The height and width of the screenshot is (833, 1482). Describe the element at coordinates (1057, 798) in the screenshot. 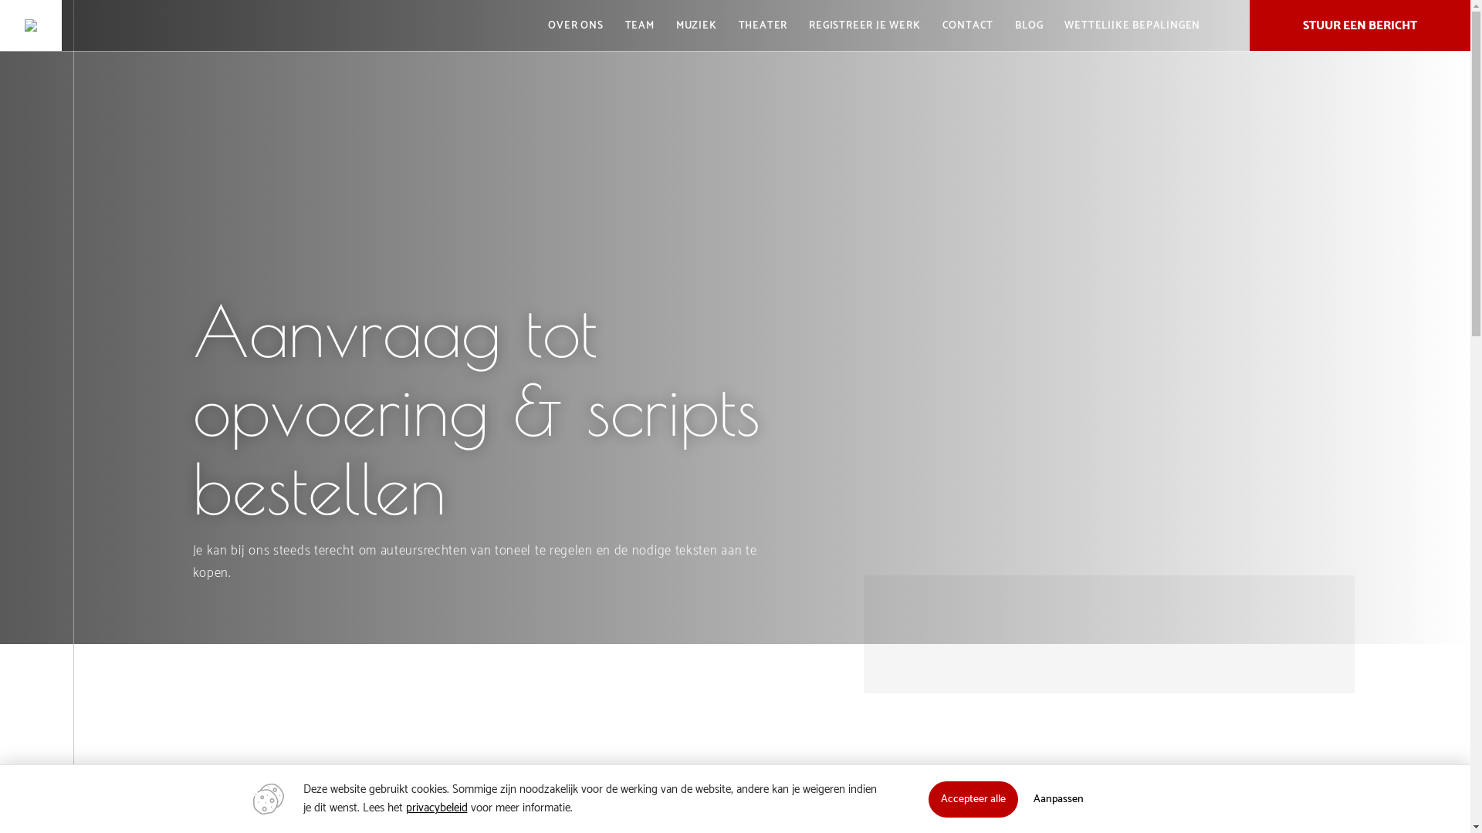

I see `'Aanpassen'` at that location.